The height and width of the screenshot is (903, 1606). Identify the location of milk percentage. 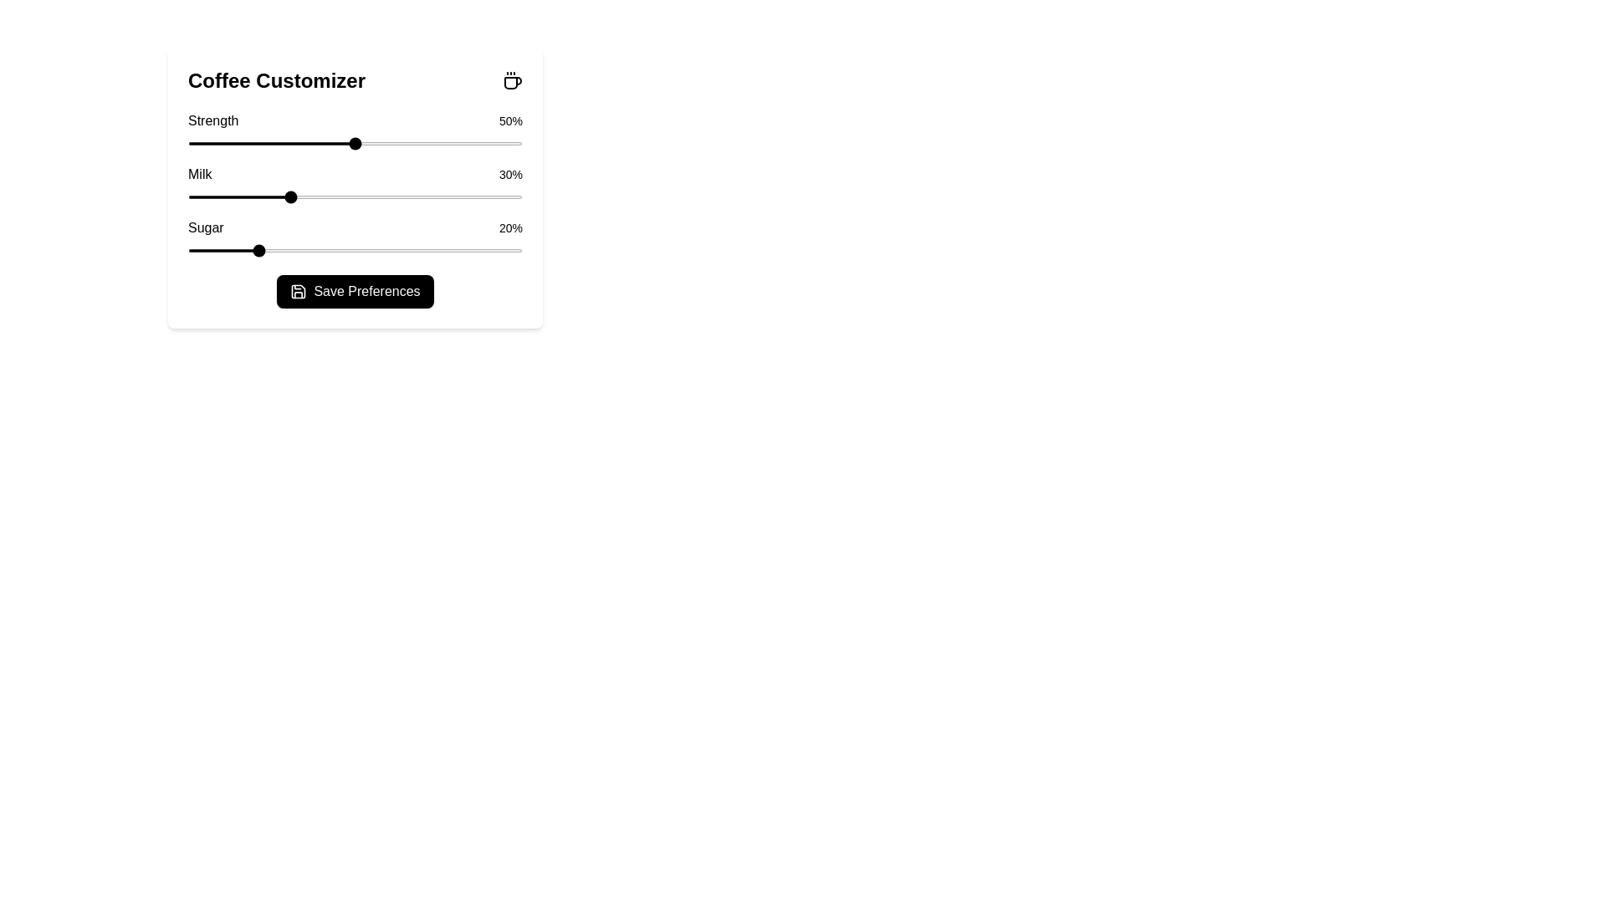
(220, 196).